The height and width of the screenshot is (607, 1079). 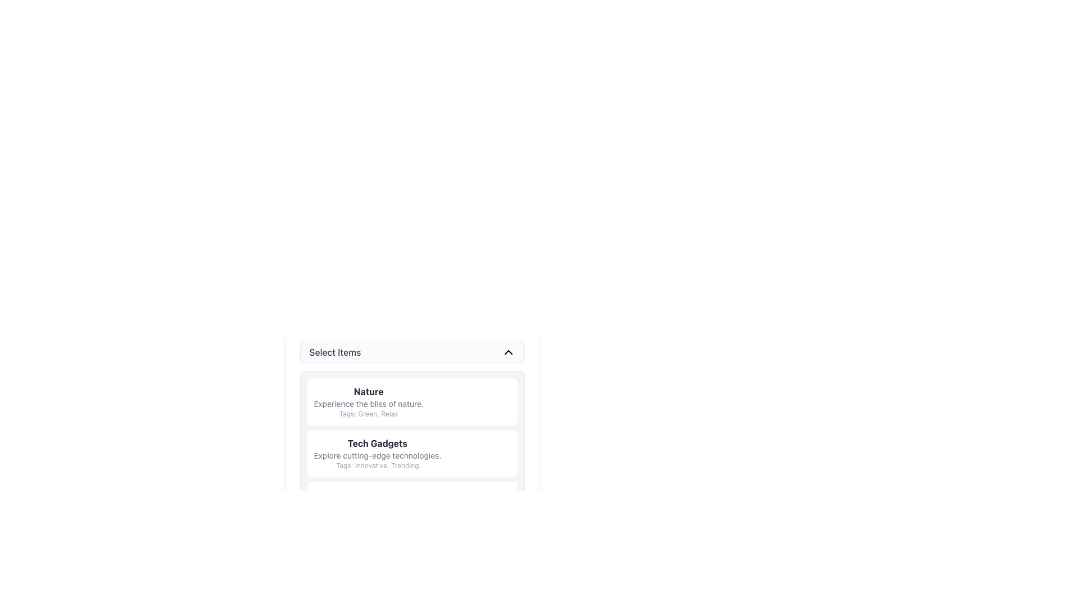 I want to click on extended details of the text-based list item labeled 'Tech Gadgets' that features a grey background and includes the text 'Explore cutting-edge technologies.', so click(x=411, y=455).